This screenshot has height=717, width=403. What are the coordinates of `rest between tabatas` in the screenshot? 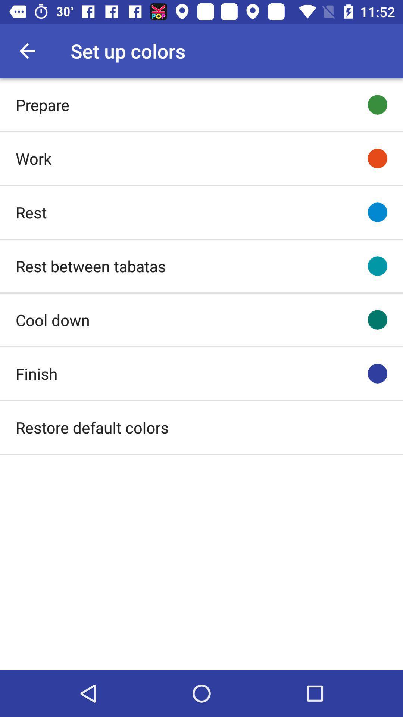 It's located at (90, 266).